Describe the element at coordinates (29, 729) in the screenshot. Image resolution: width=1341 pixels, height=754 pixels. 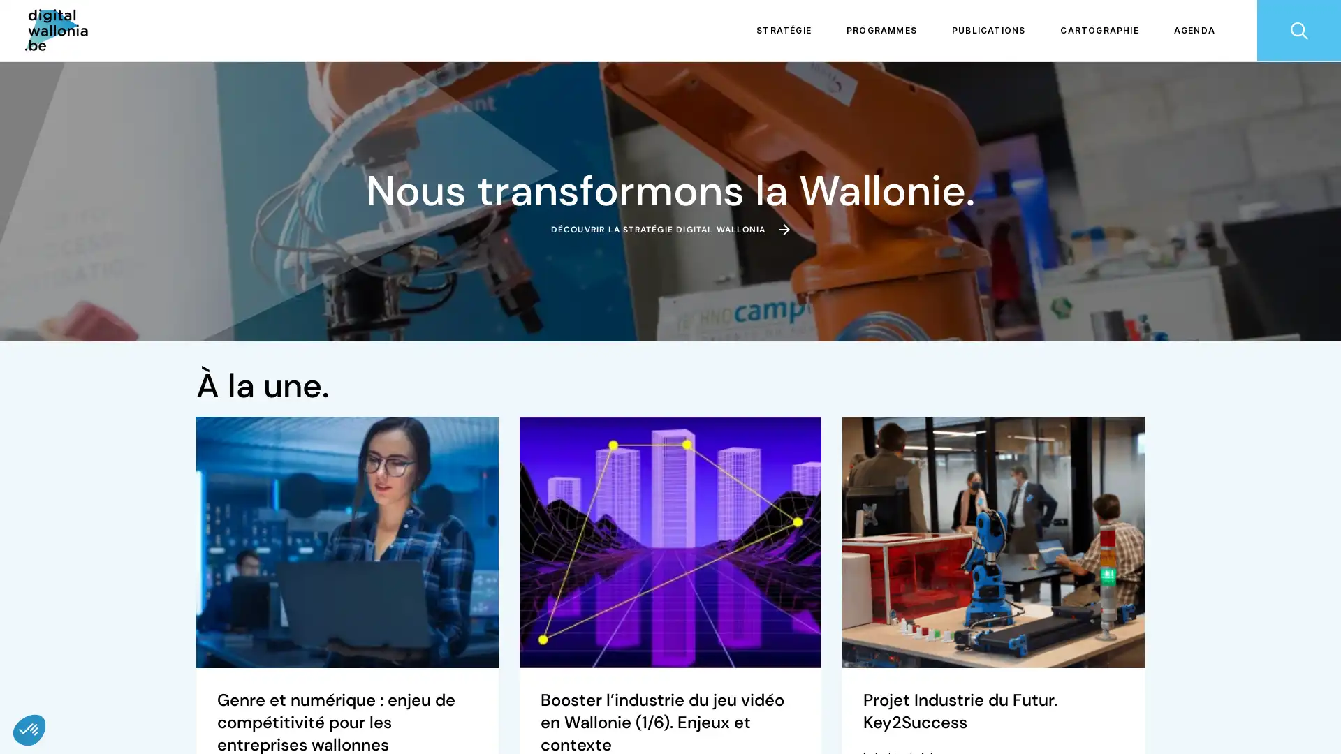
I see `Fermer` at that location.